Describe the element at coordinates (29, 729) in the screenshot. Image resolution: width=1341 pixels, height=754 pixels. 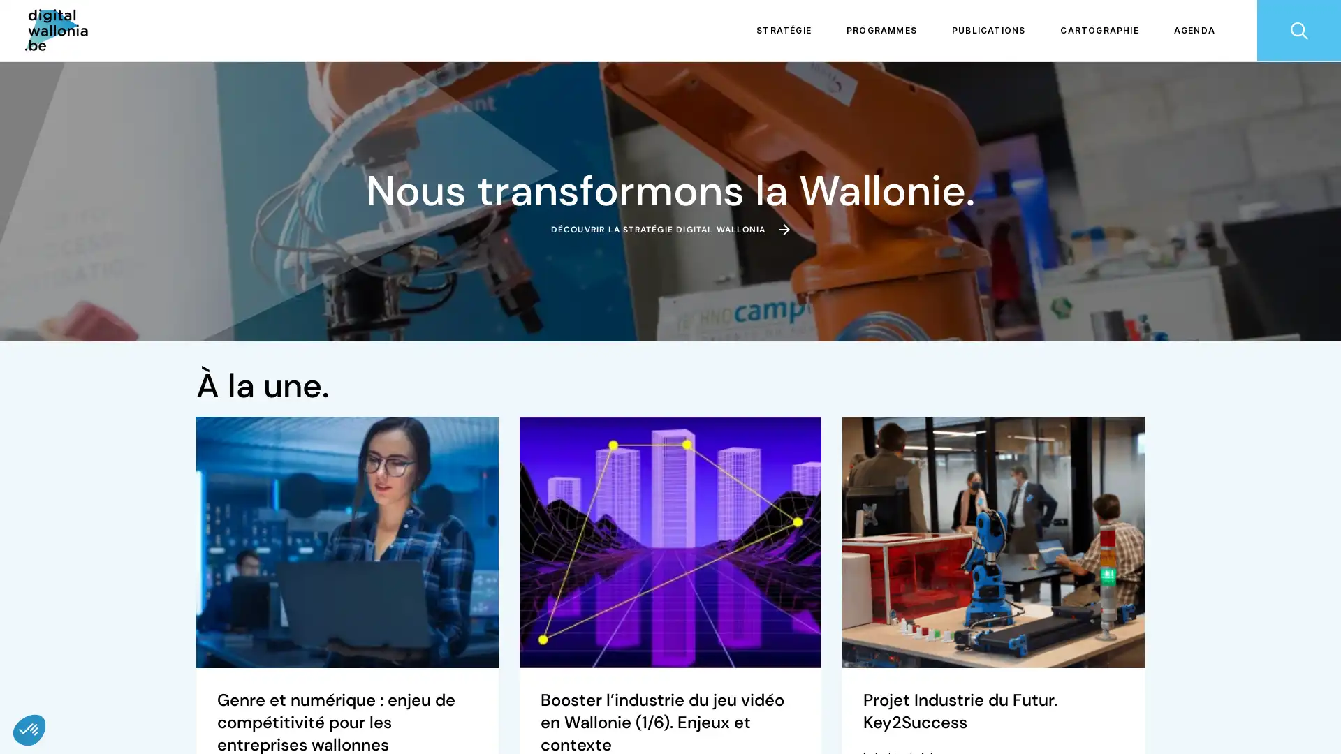
I see `Fermer` at that location.